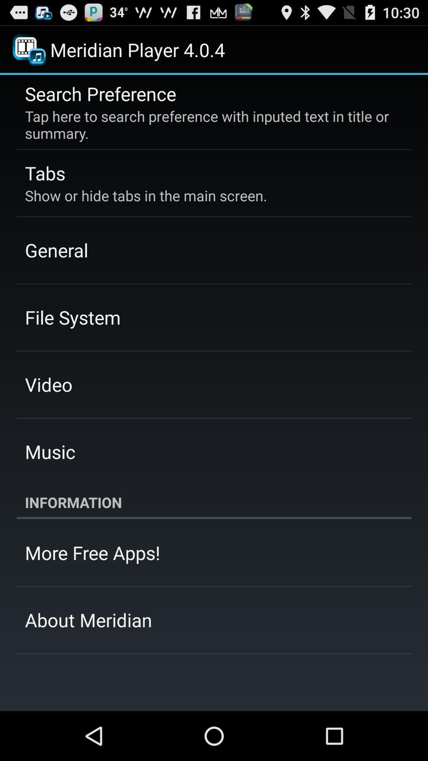 The image size is (428, 761). Describe the element at coordinates (88, 620) in the screenshot. I see `the about meridian item` at that location.